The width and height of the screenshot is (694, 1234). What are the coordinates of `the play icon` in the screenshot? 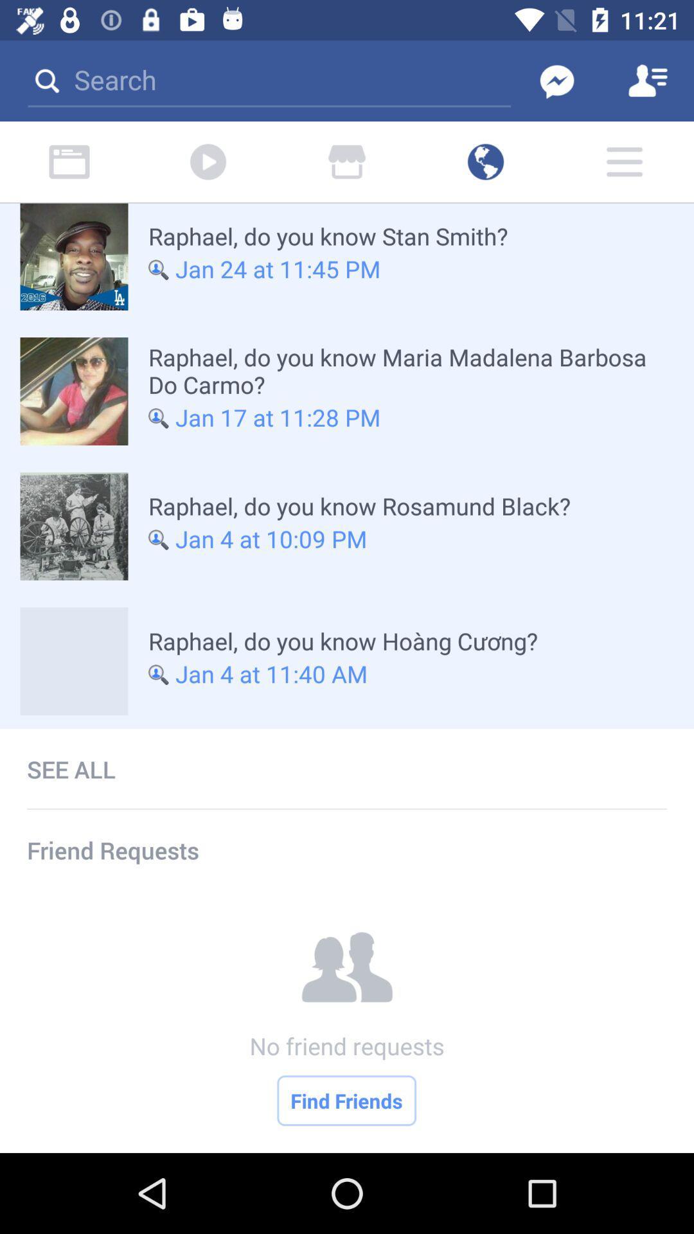 It's located at (208, 161).